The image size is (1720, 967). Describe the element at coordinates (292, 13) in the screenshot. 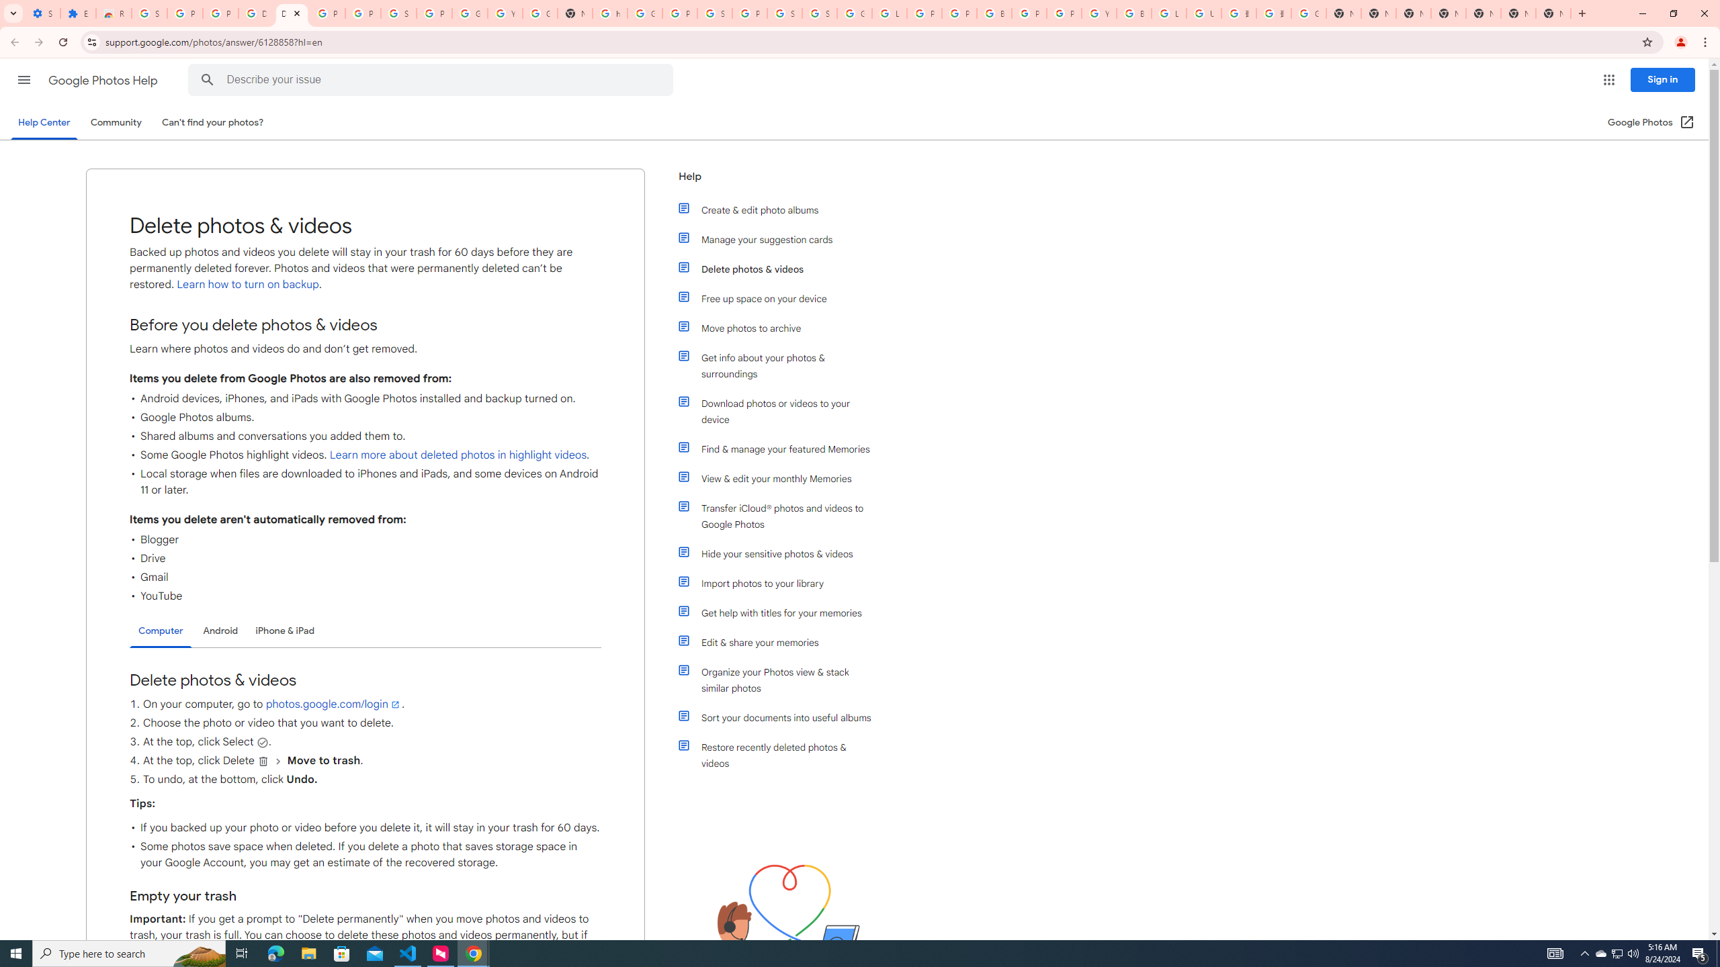

I see `'Delete photos & videos - Computer - Google Photos Help'` at that location.